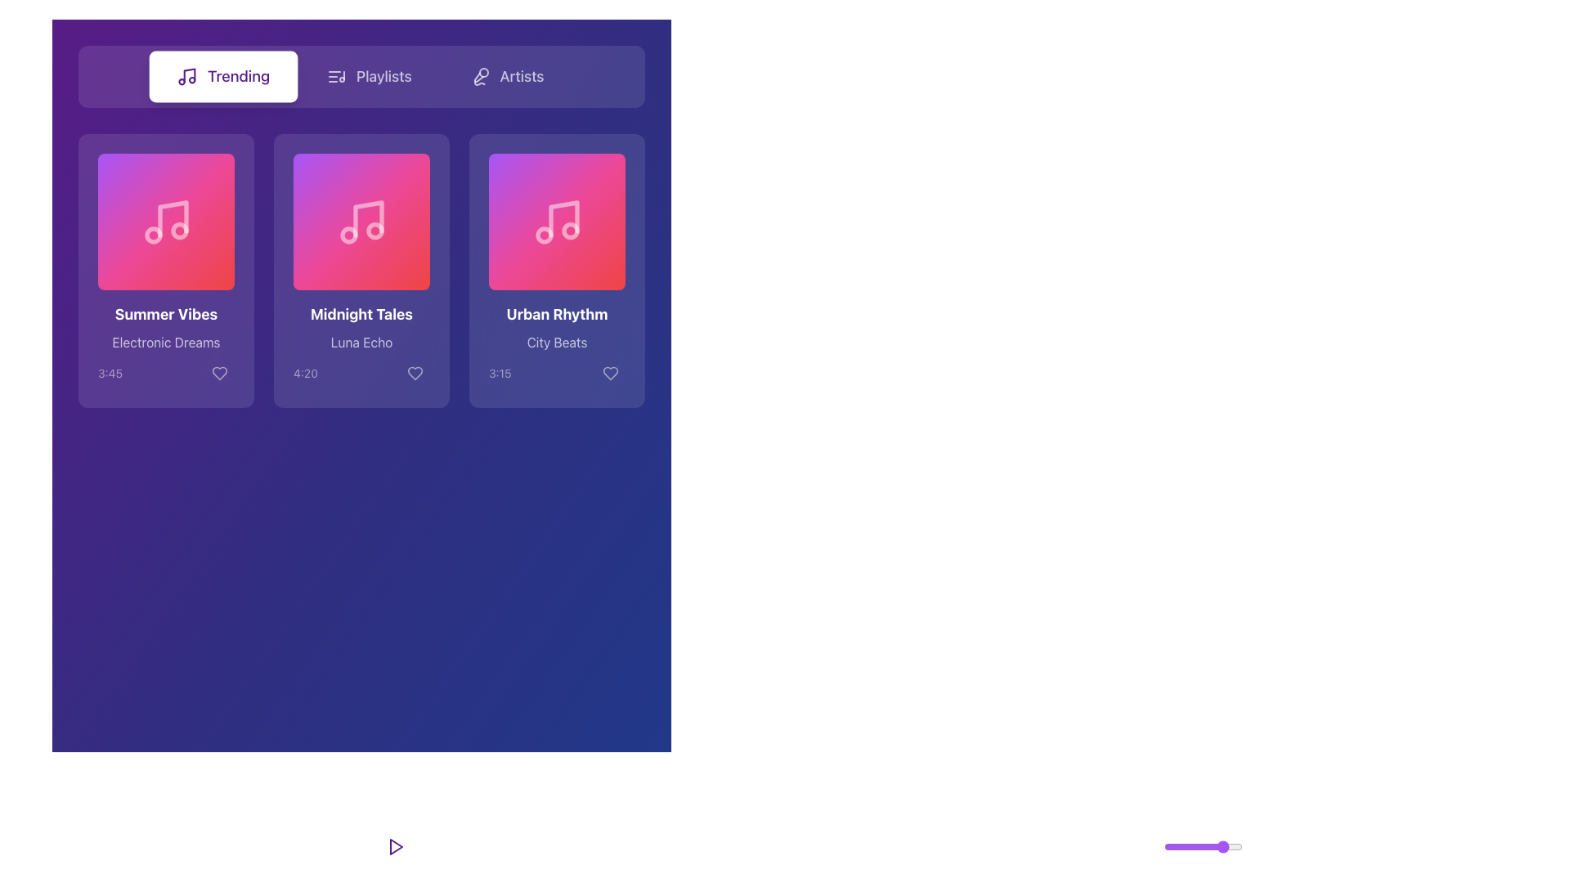  What do you see at coordinates (1225, 846) in the screenshot?
I see `the value of the slider` at bounding box center [1225, 846].